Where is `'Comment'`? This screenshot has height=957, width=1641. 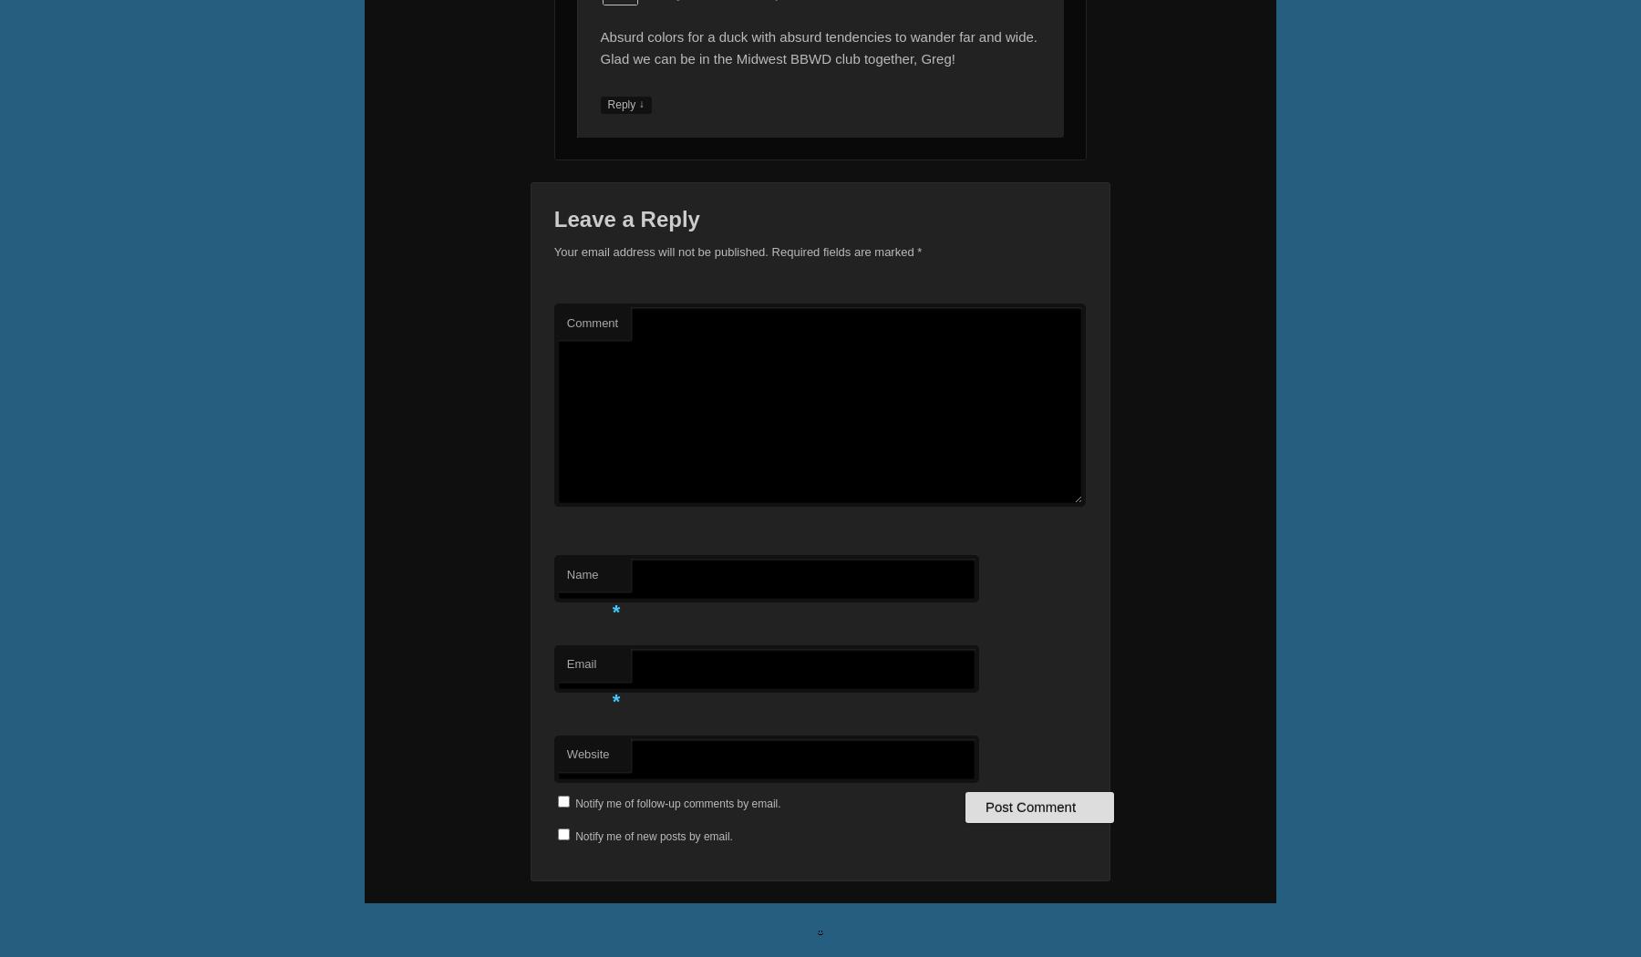 'Comment' is located at coordinates (592, 321).